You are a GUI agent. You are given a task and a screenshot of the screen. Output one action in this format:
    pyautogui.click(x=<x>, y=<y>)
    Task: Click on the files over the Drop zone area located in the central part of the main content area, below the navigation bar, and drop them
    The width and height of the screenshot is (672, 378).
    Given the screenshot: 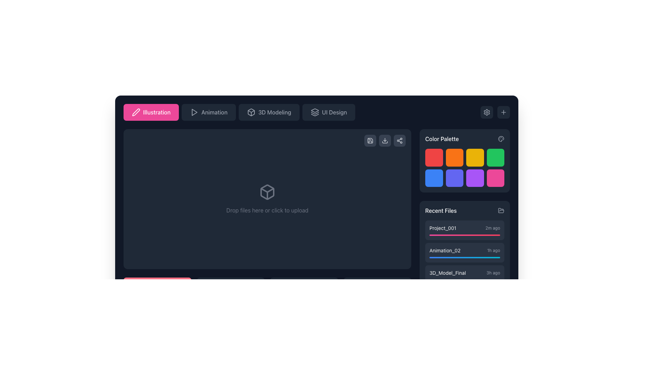 What is the action you would take?
    pyautogui.click(x=267, y=199)
    